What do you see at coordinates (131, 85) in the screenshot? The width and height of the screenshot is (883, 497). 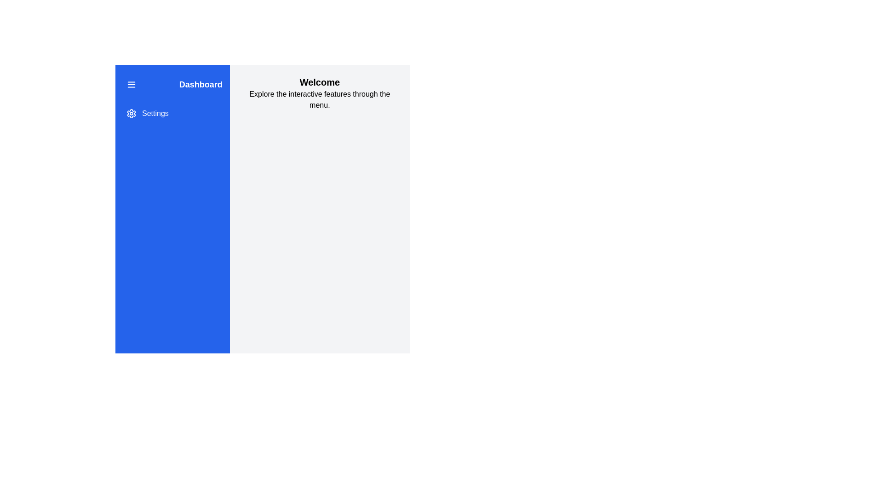 I see `the button with a hamburger menu icon located at the top-left corner of the blue sidebar` at bounding box center [131, 85].